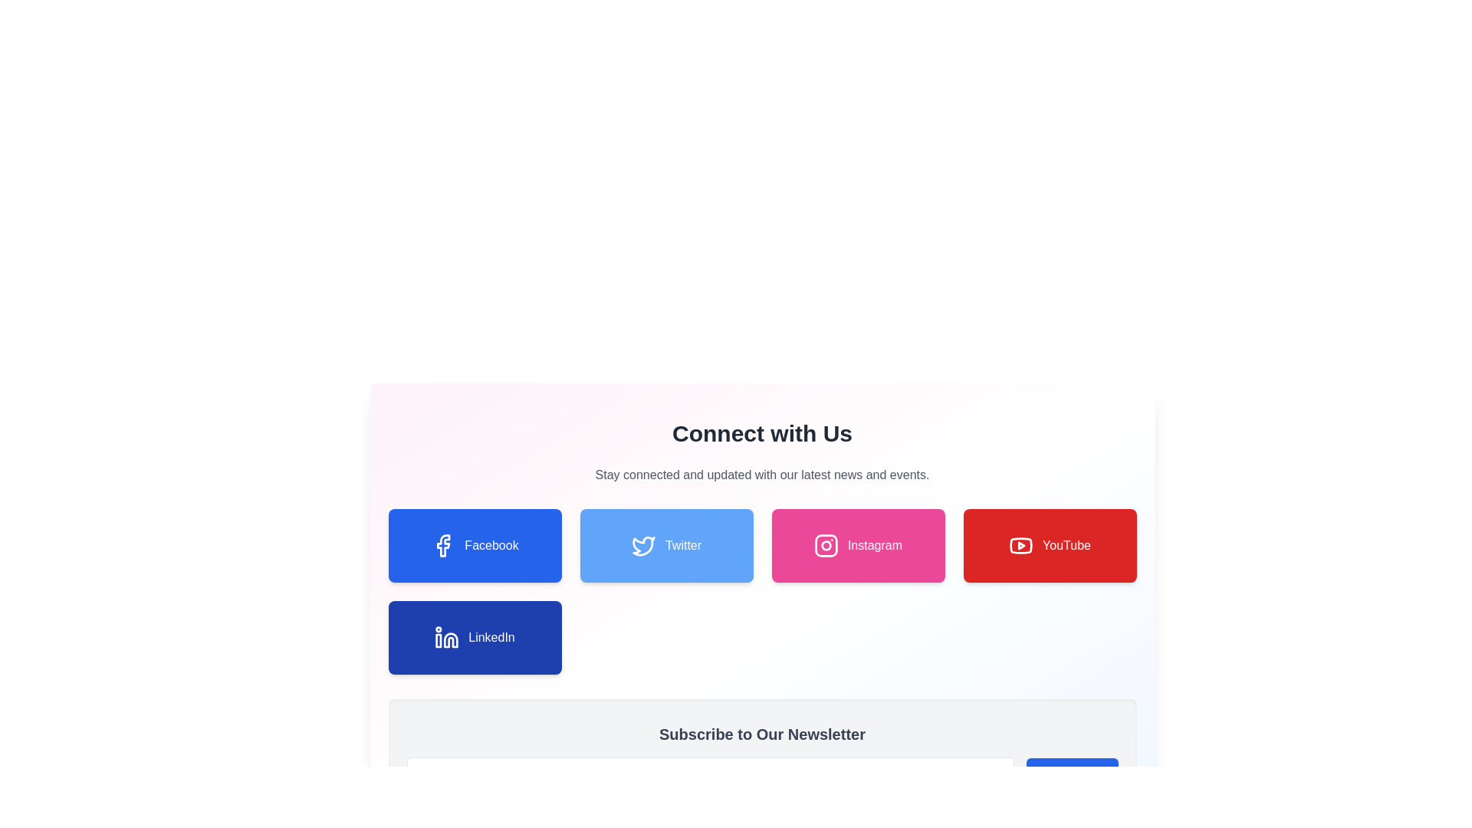  Describe the element at coordinates (1049, 545) in the screenshot. I see `the YouTube button, which is the fourth item in the row of social media buttons, located to the right of the Instagram button and above the LinkedIn button` at that location.